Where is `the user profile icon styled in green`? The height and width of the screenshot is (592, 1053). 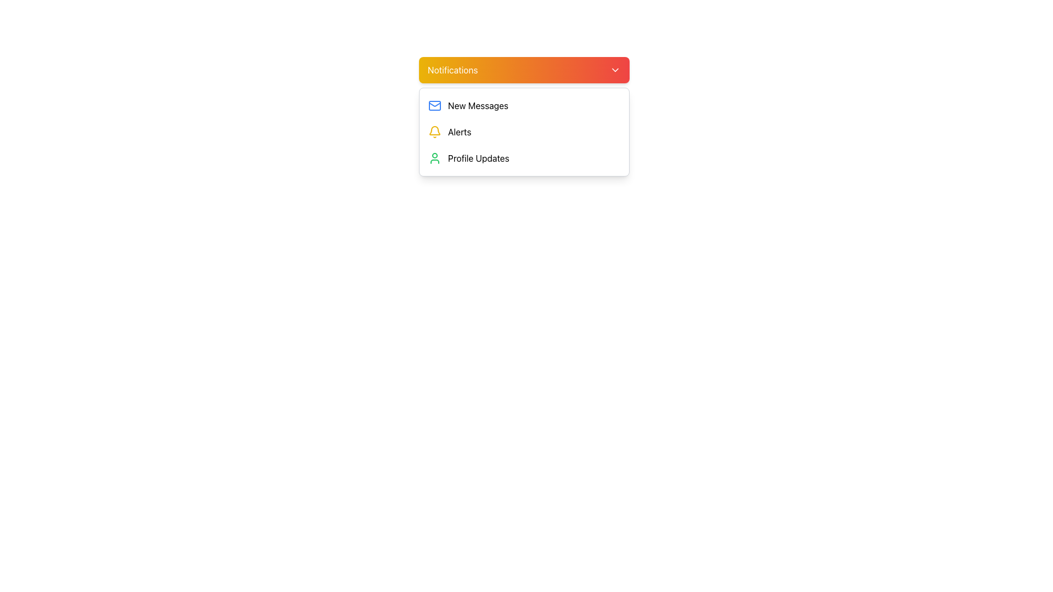 the user profile icon styled in green is located at coordinates (434, 158).